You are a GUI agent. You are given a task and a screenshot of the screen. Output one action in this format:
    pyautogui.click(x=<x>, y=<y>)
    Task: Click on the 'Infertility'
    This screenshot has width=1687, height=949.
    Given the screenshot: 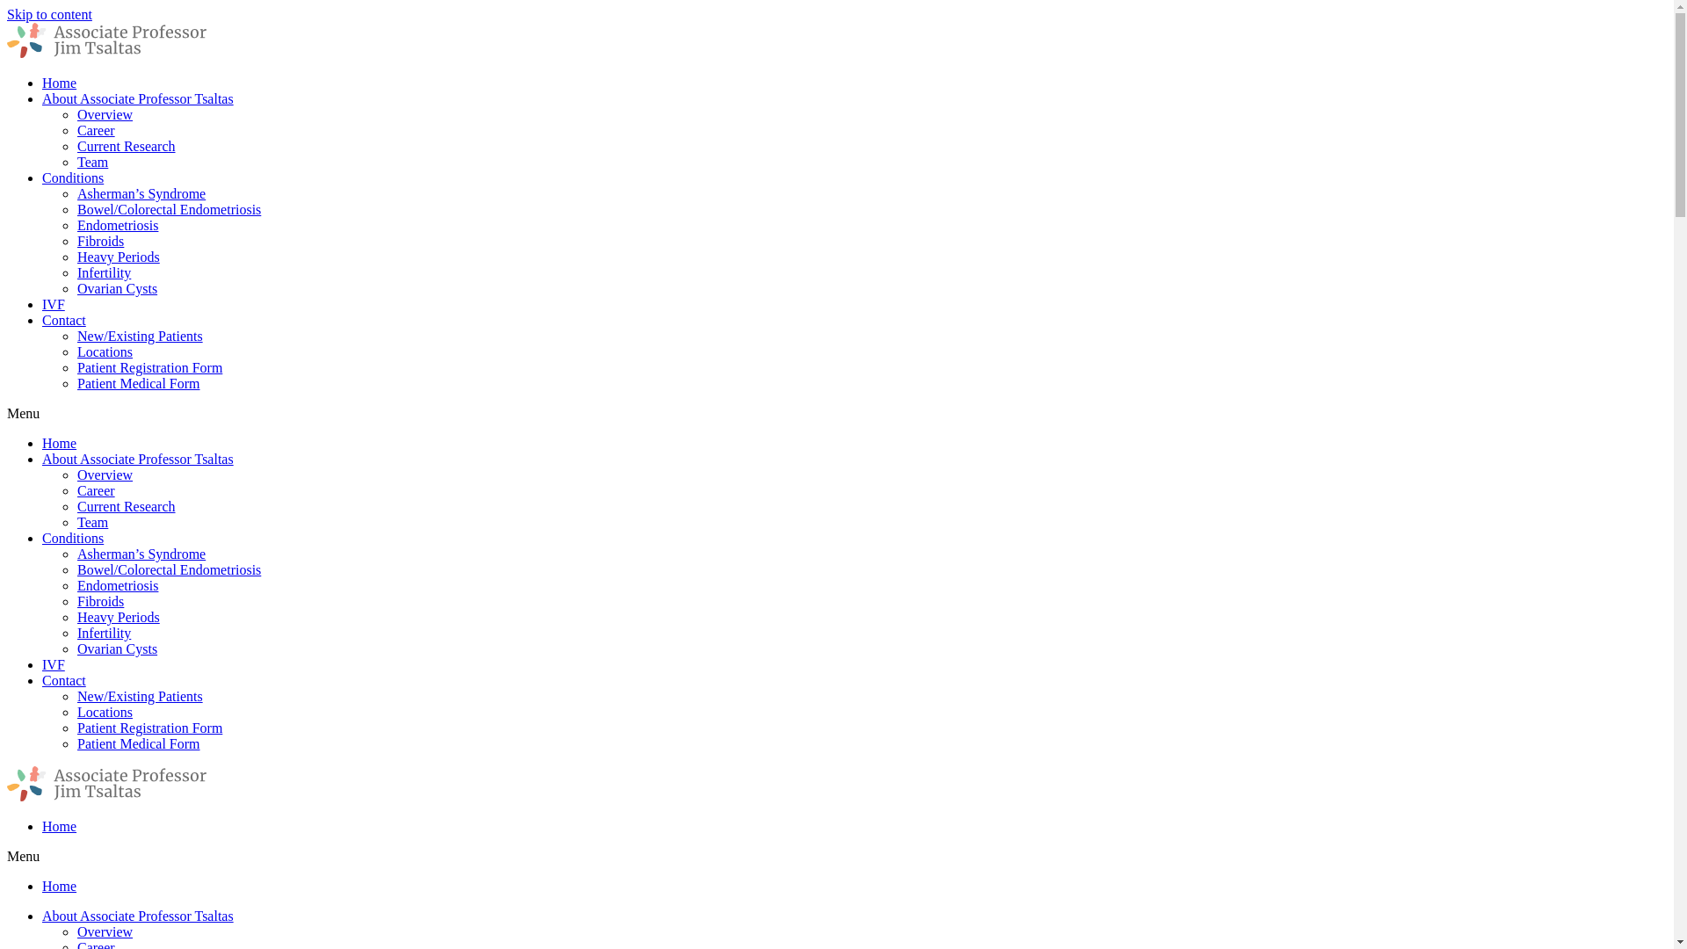 What is the action you would take?
    pyautogui.click(x=103, y=272)
    